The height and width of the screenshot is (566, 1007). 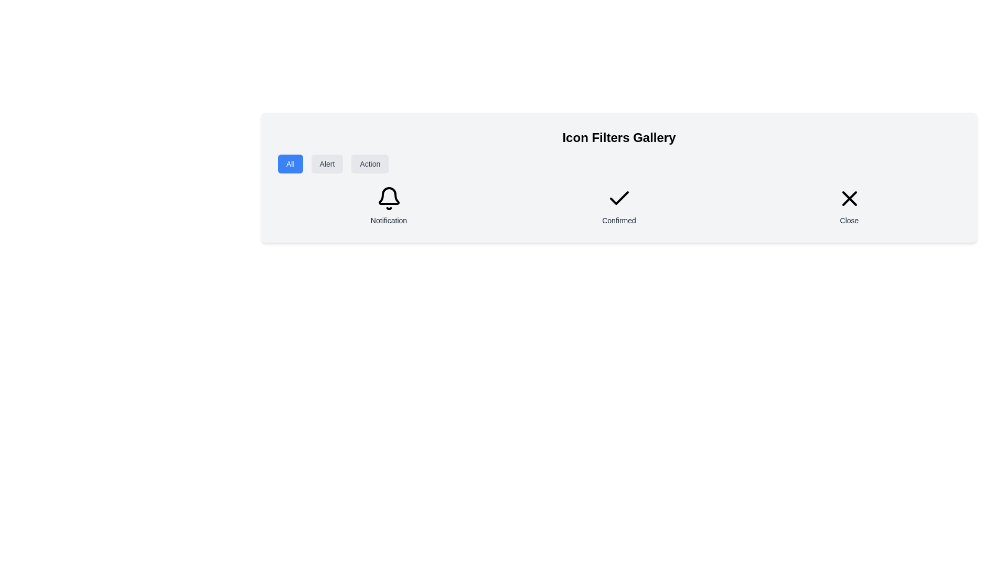 I want to click on the 'Action' button, which is the rightmost button in a horizontal group of three buttons with a light gray background and dark gray text, so click(x=370, y=164).